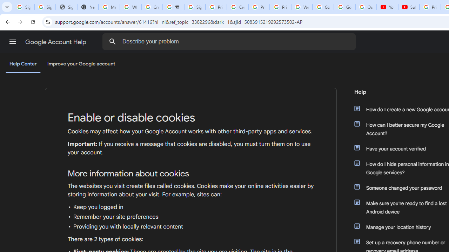 This screenshot has height=252, width=449. Describe the element at coordinates (409, 7) in the screenshot. I see `'Subscriptions - YouTube'` at that location.